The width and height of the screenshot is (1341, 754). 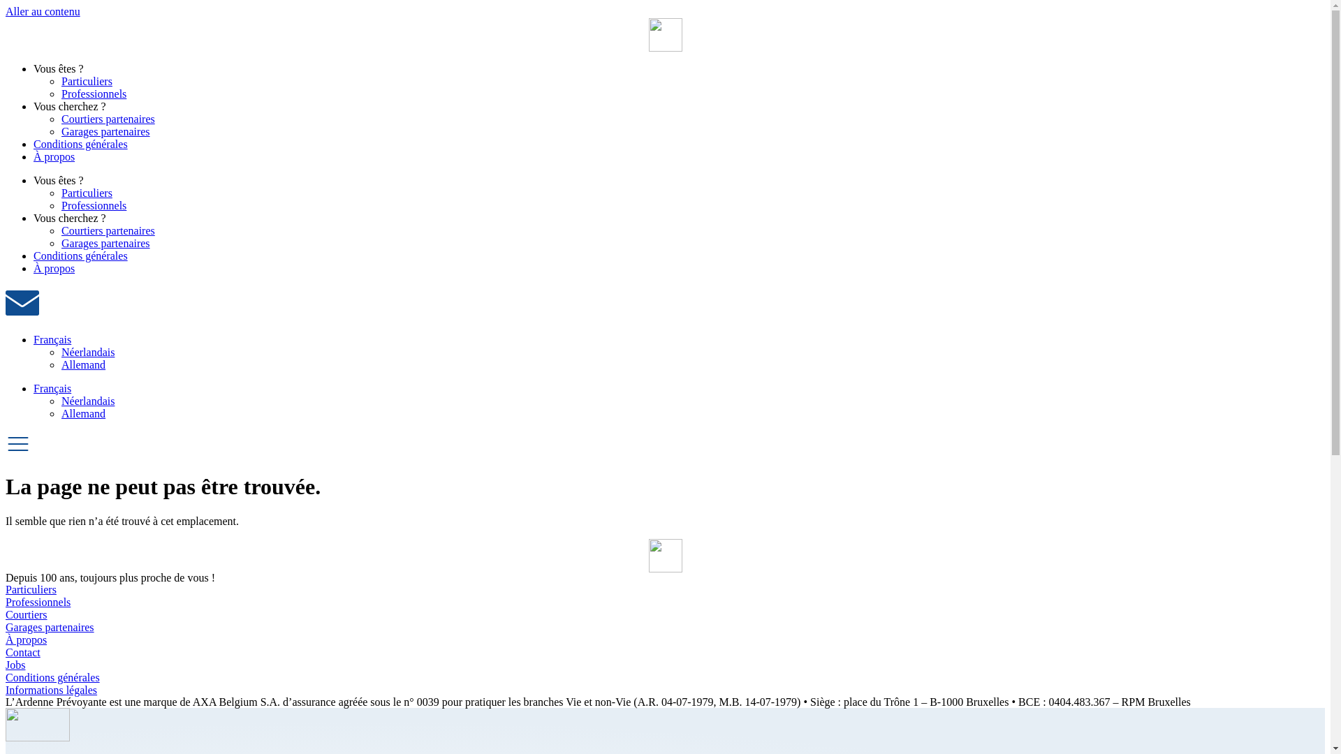 What do you see at coordinates (34, 105) in the screenshot?
I see `'Vous cherchez ?'` at bounding box center [34, 105].